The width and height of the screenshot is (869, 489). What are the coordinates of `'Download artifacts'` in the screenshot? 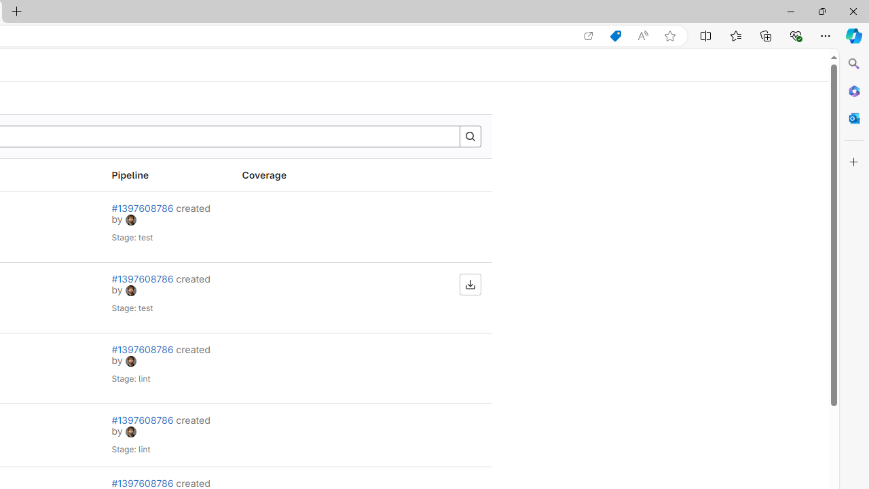 It's located at (470, 284).